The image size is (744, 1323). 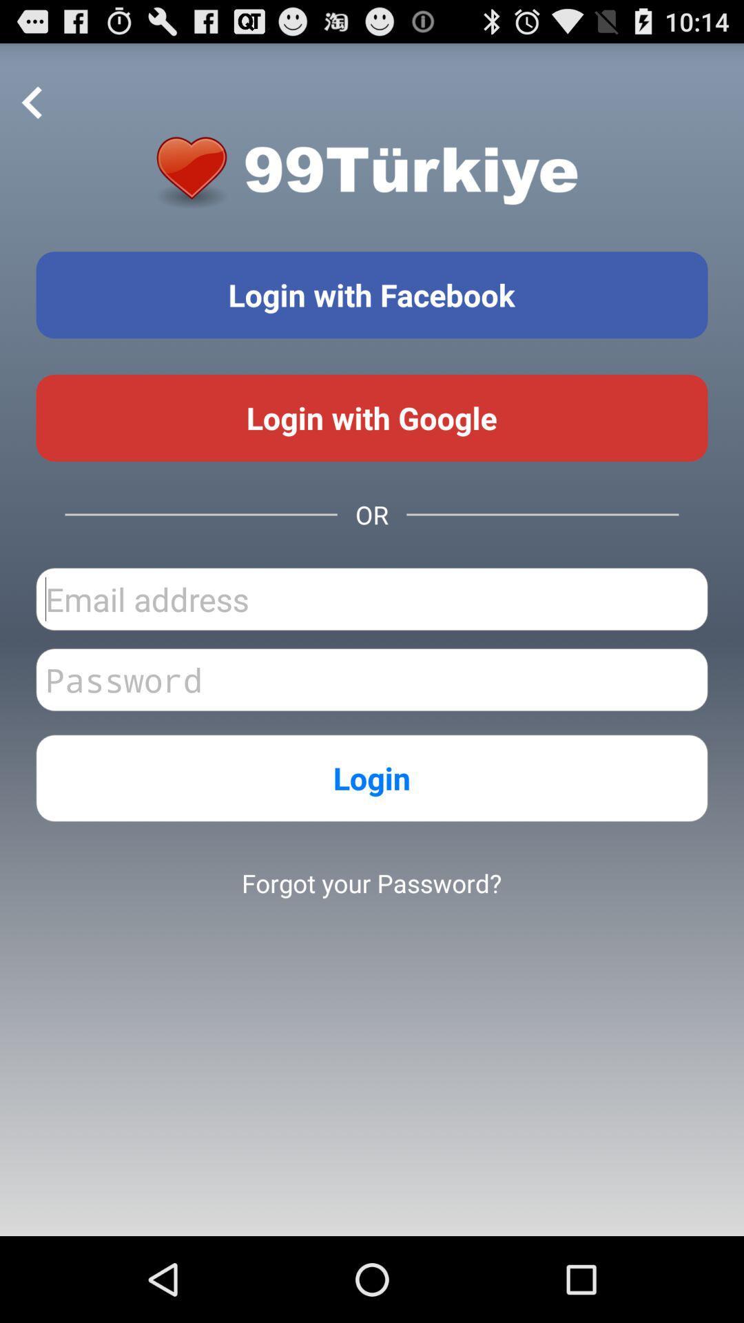 What do you see at coordinates (372, 417) in the screenshot?
I see `login with google account` at bounding box center [372, 417].